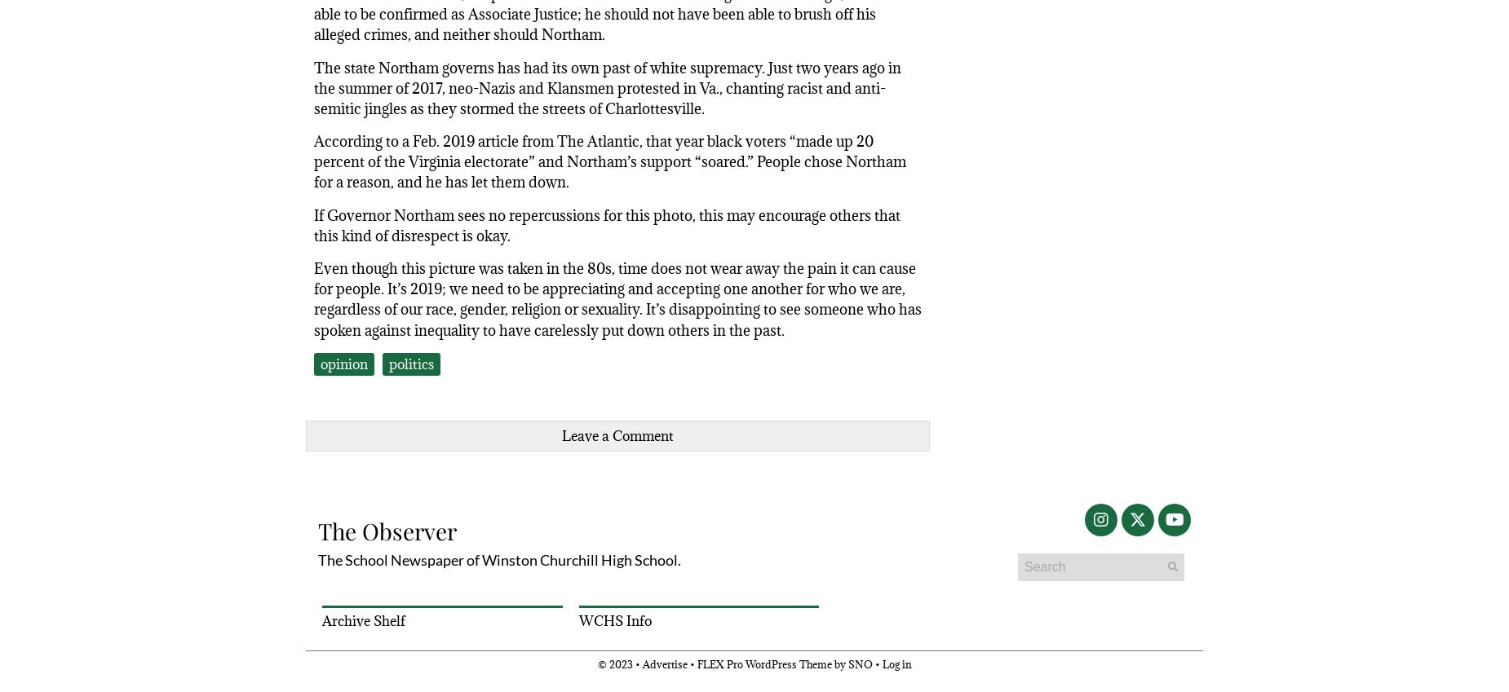 This screenshot has width=1509, height=692. What do you see at coordinates (763, 663) in the screenshot?
I see `'FLEX Pro WordPress Theme'` at bounding box center [763, 663].